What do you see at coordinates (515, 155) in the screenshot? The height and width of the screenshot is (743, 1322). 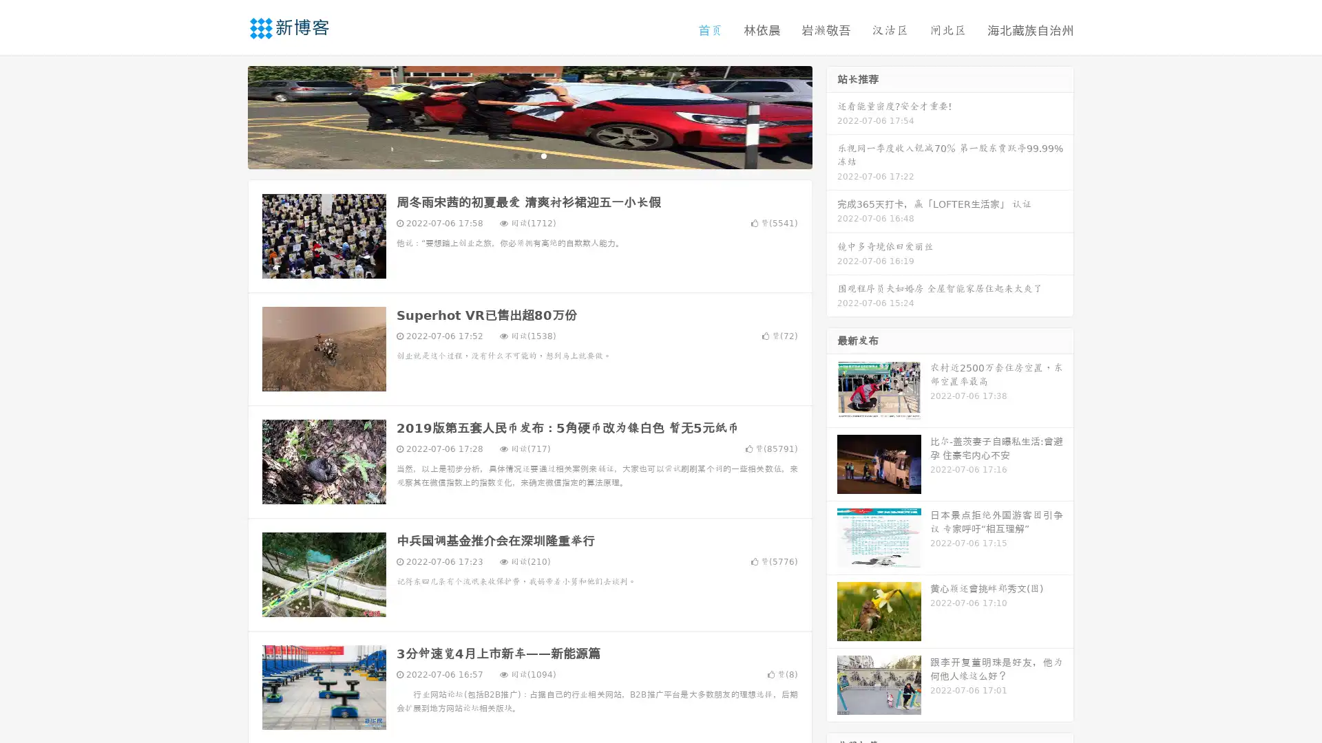 I see `Go to slide 1` at bounding box center [515, 155].